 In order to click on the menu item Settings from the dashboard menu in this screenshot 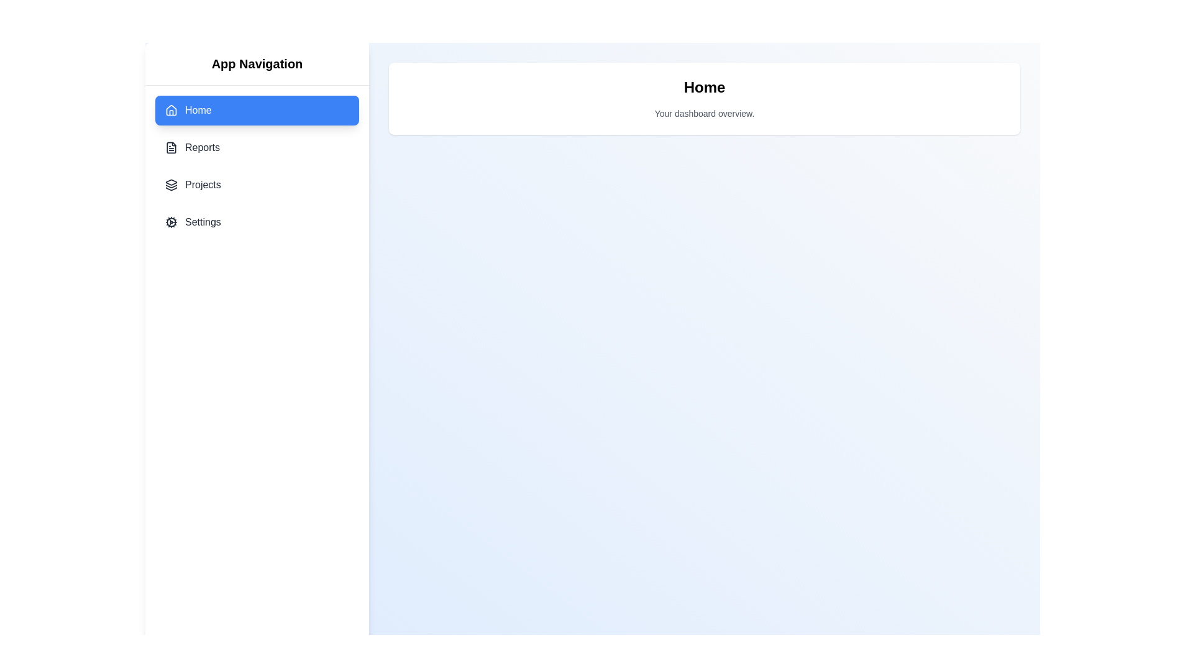, I will do `click(256, 222)`.